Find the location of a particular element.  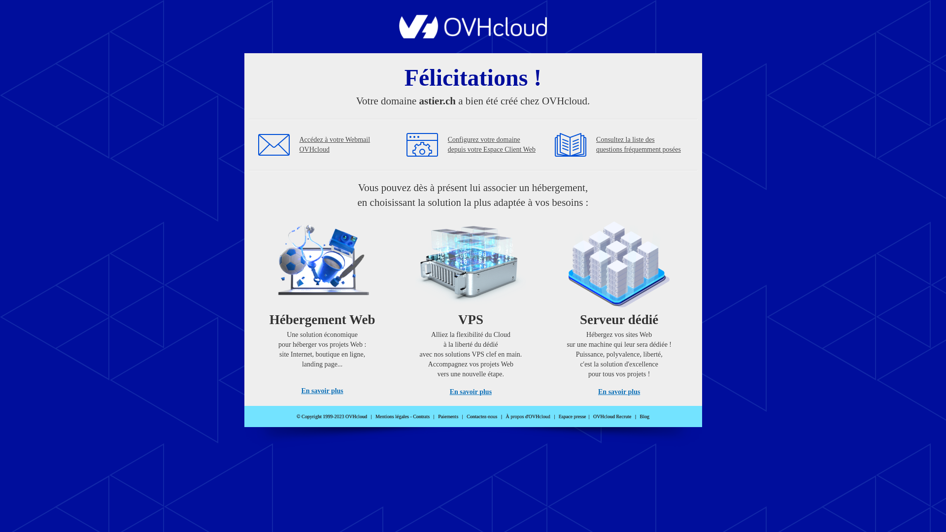

'En savoir plus' is located at coordinates (470, 391).